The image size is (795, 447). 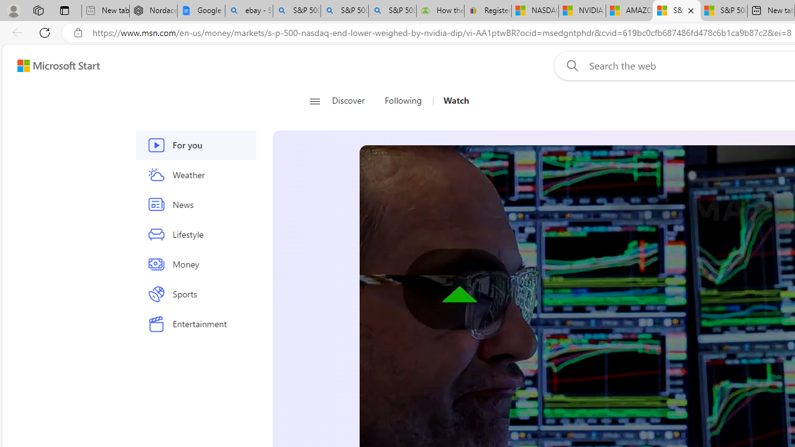 I want to click on 'Workspaces', so click(x=38, y=10).